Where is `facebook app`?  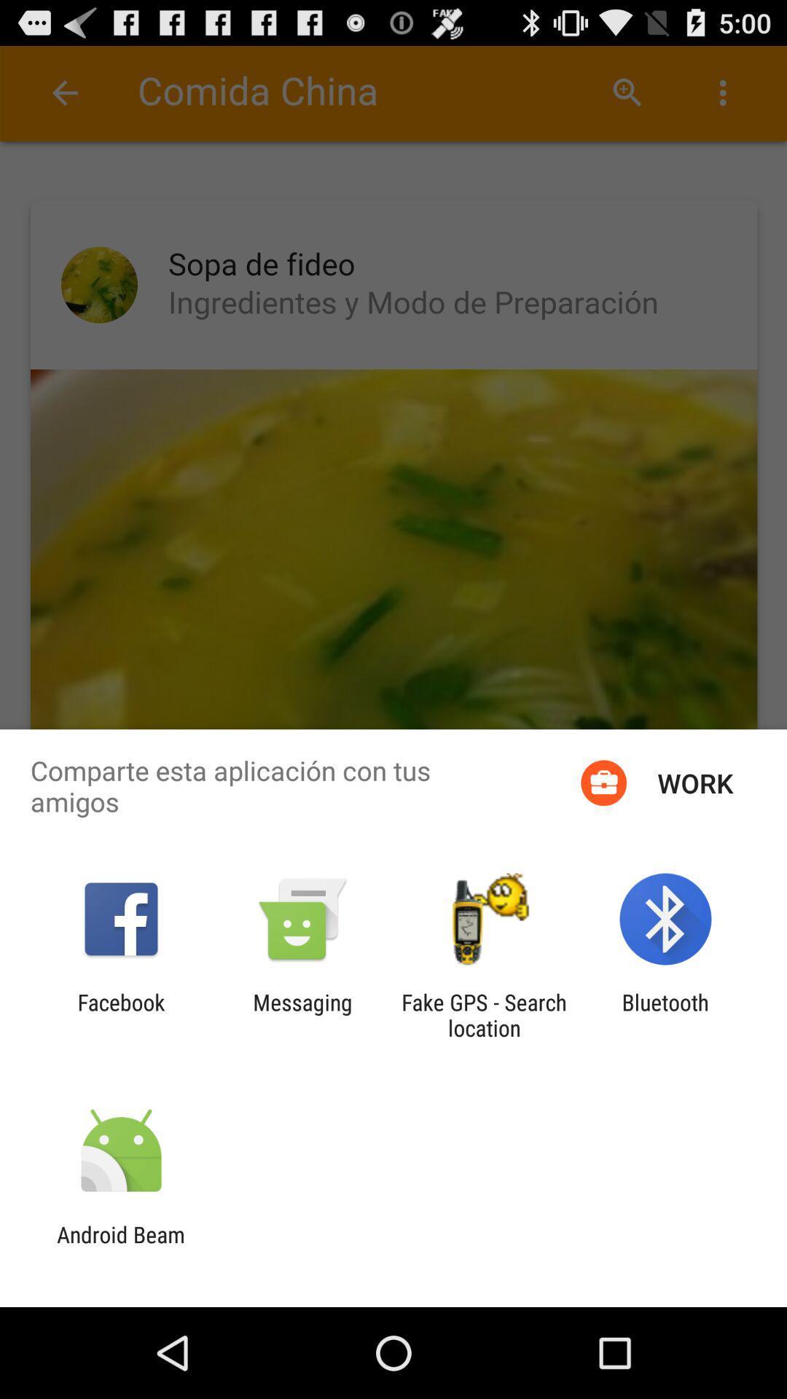 facebook app is located at coordinates (120, 1014).